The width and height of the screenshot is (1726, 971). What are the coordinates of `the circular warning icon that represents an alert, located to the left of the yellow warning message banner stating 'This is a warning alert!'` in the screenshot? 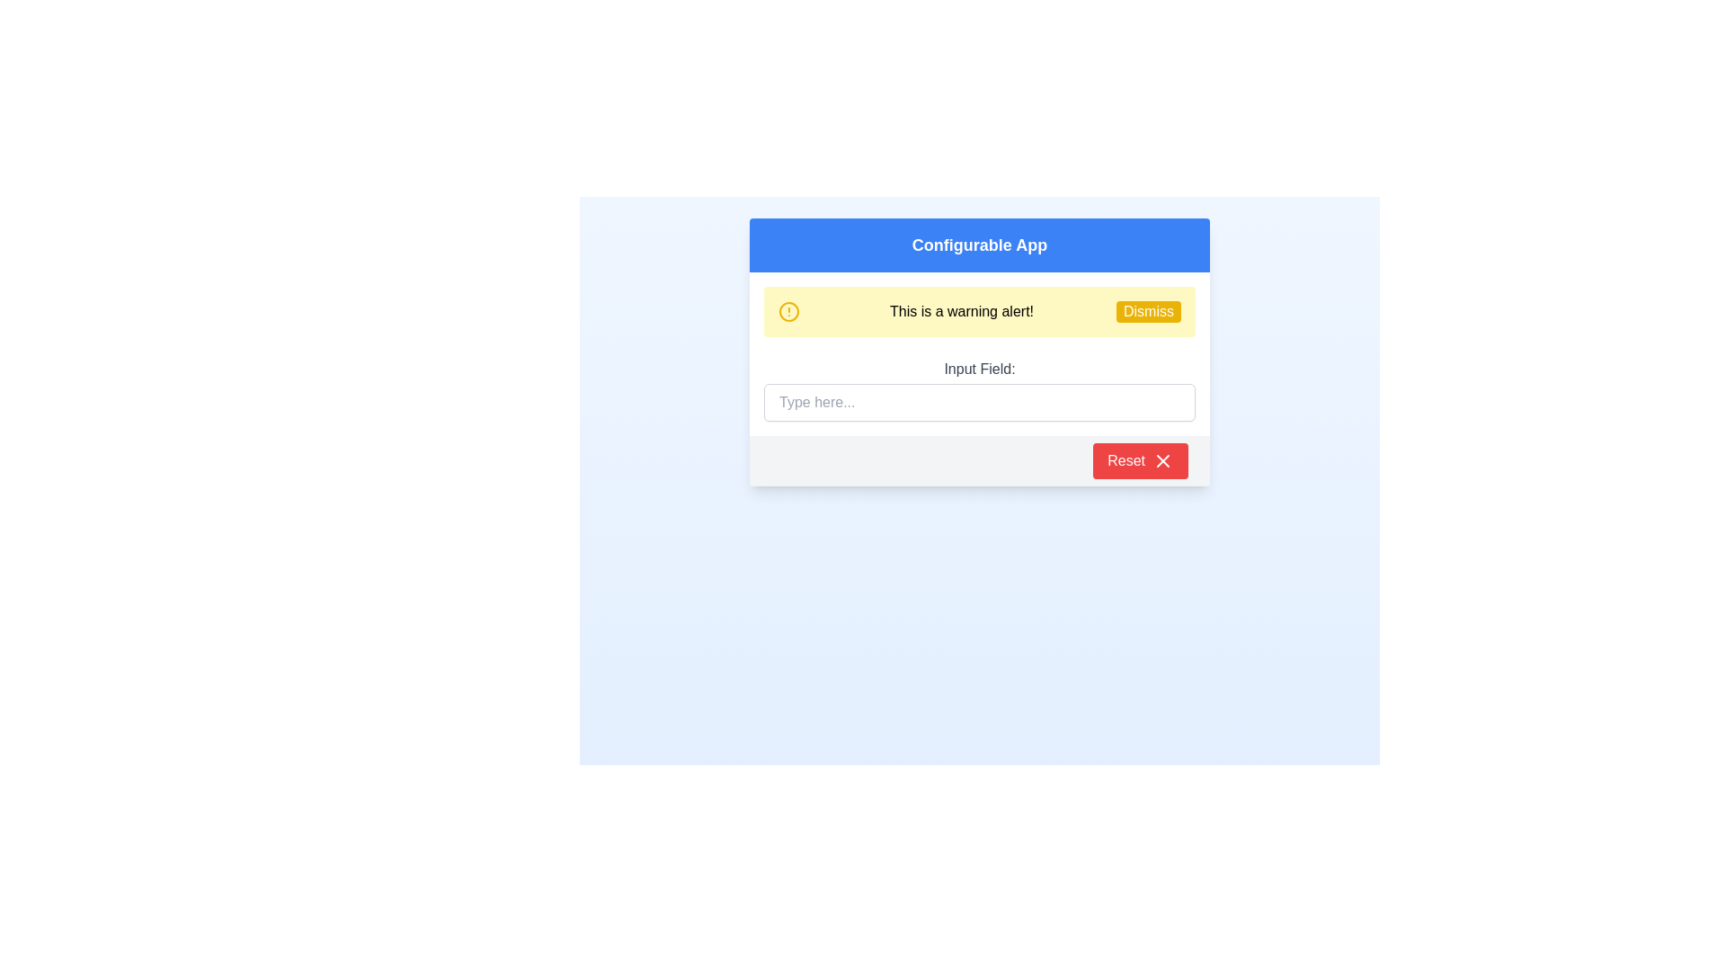 It's located at (789, 311).